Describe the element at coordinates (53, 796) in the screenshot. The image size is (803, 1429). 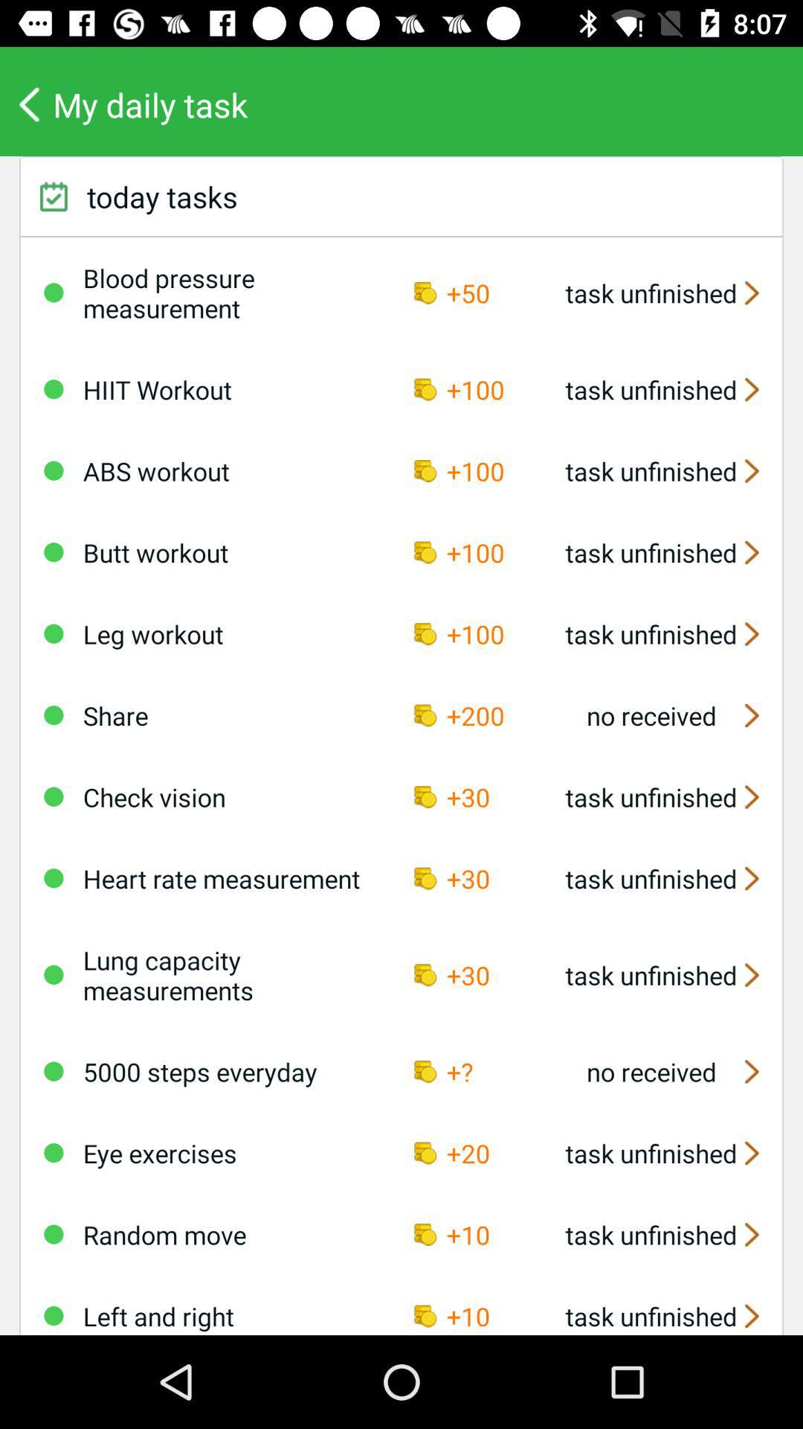
I see `mark off task as complete` at that location.